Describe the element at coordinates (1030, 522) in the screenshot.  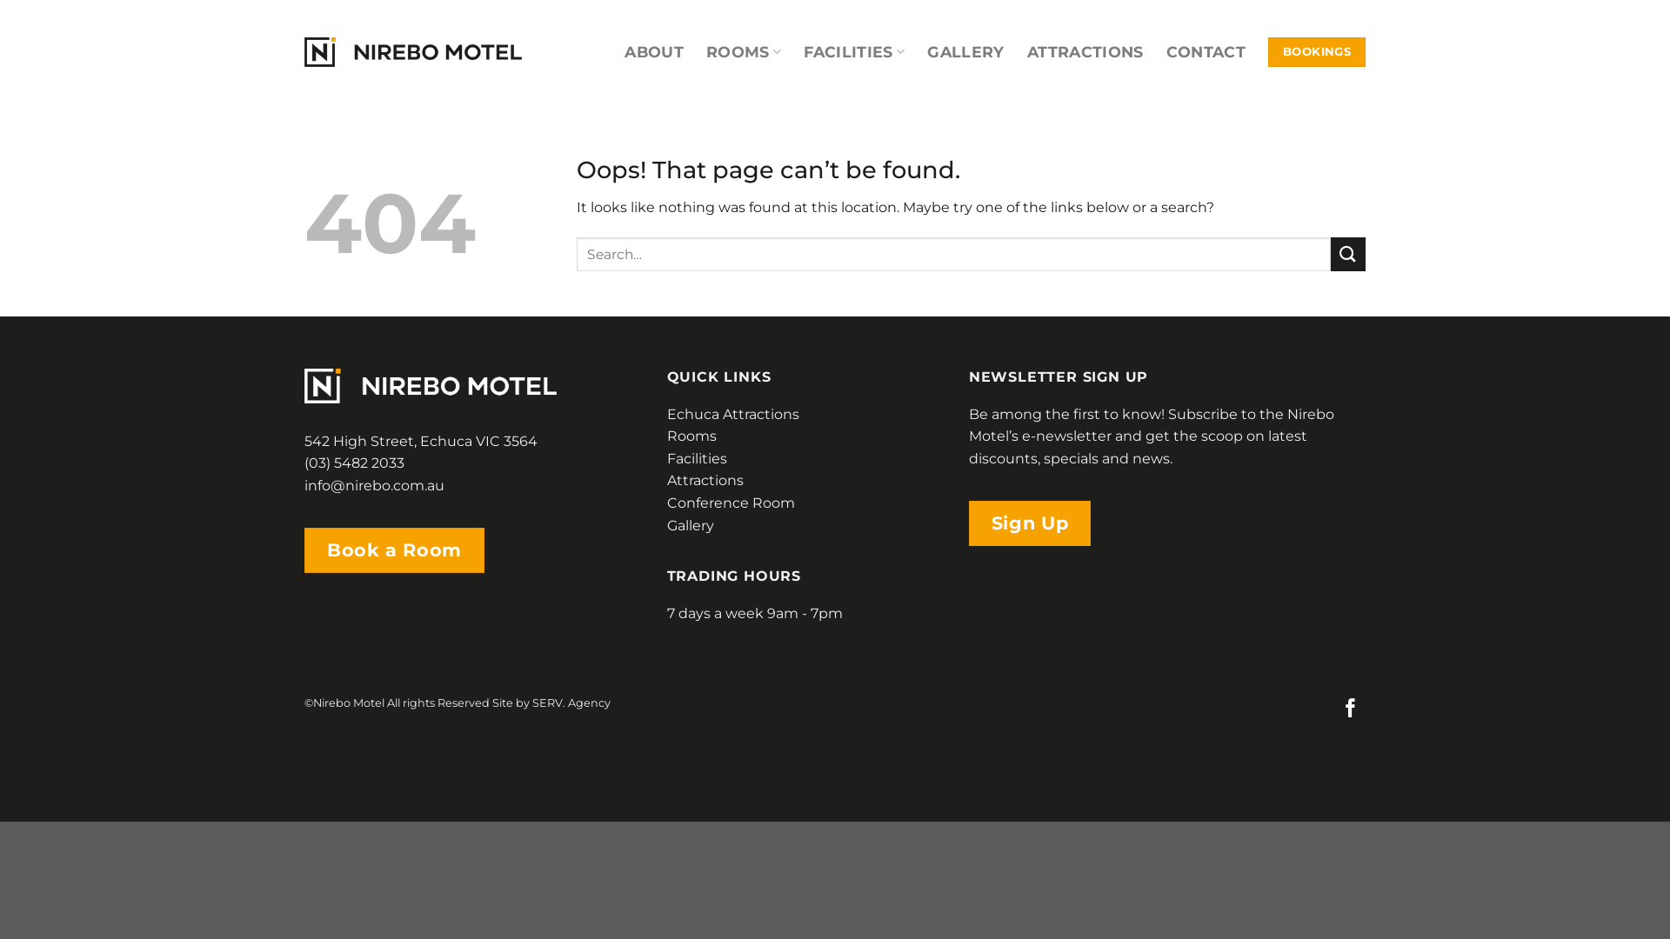
I see `'Sign Up'` at that location.